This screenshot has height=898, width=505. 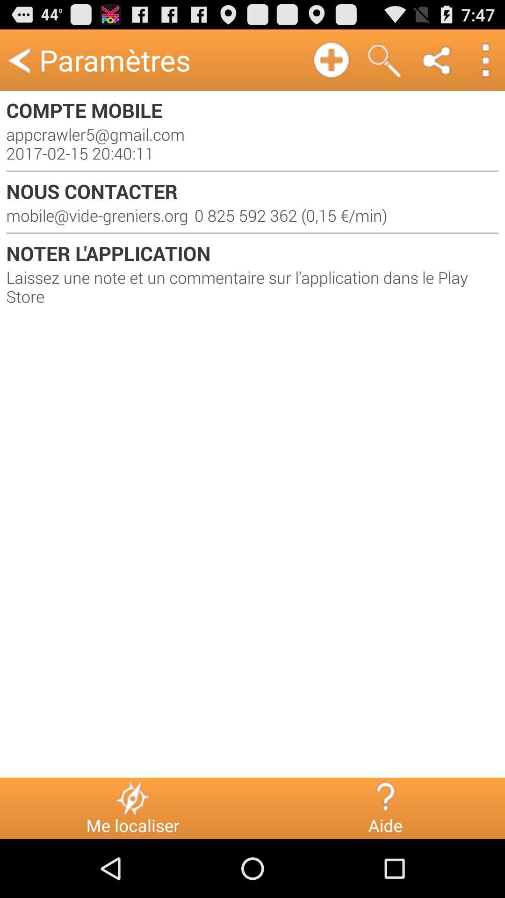 I want to click on icon above the compte mobile item, so click(x=437, y=59).